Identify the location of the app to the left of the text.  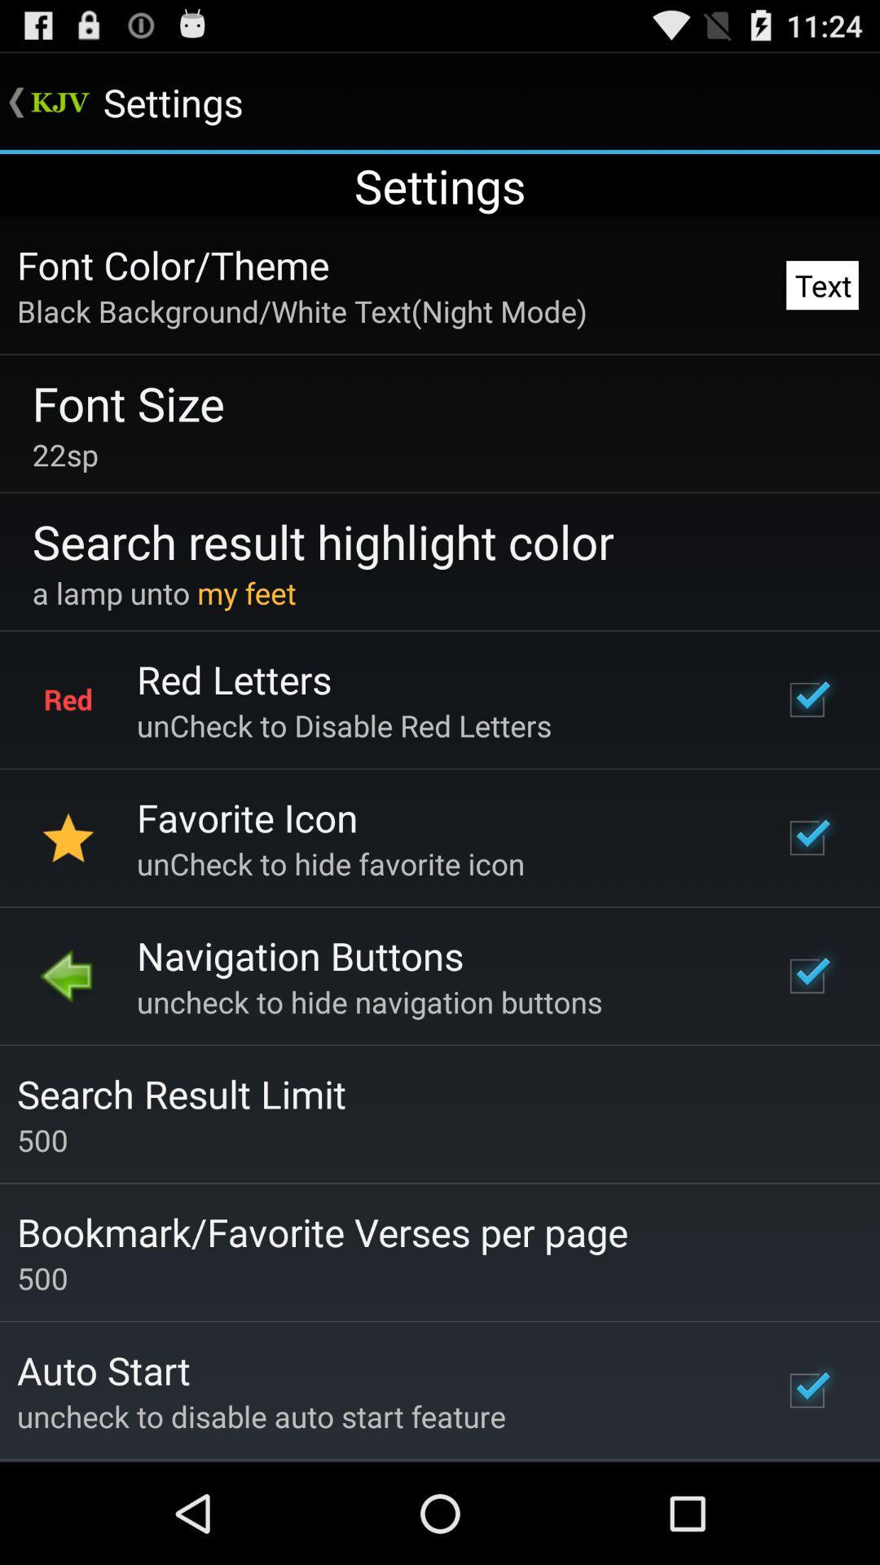
(301, 311).